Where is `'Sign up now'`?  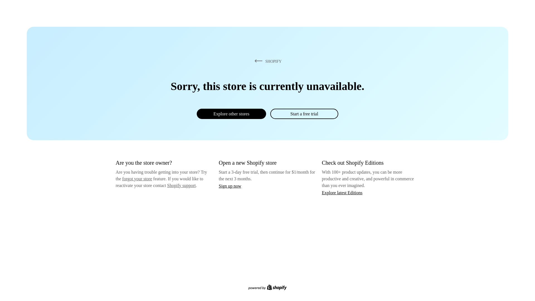
'Sign up now' is located at coordinates (230, 186).